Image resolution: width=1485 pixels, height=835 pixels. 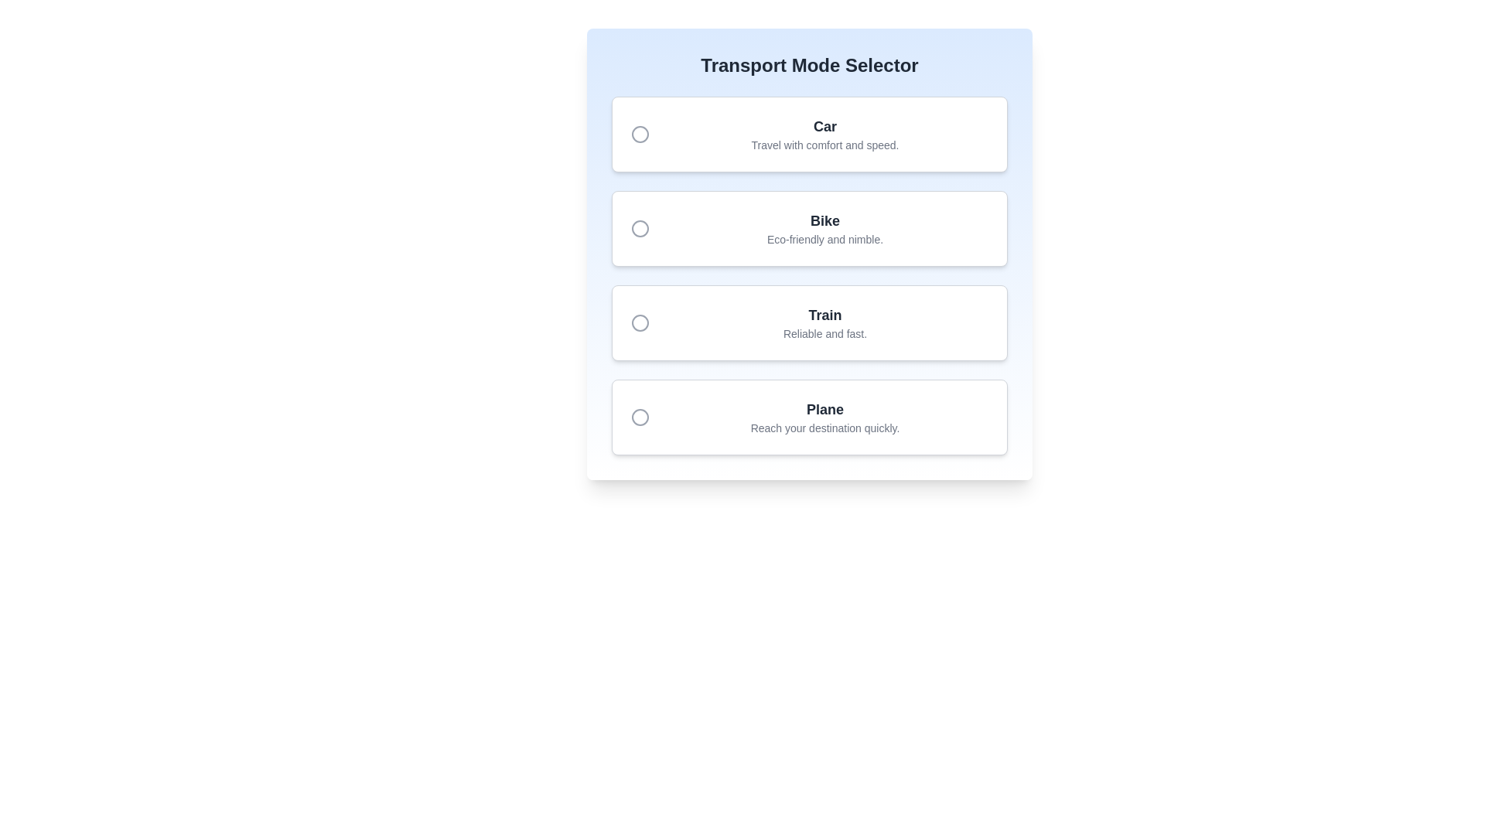 I want to click on the circular outline of the last transport mode option adjacent to the 'Plane' label, so click(x=640, y=417).